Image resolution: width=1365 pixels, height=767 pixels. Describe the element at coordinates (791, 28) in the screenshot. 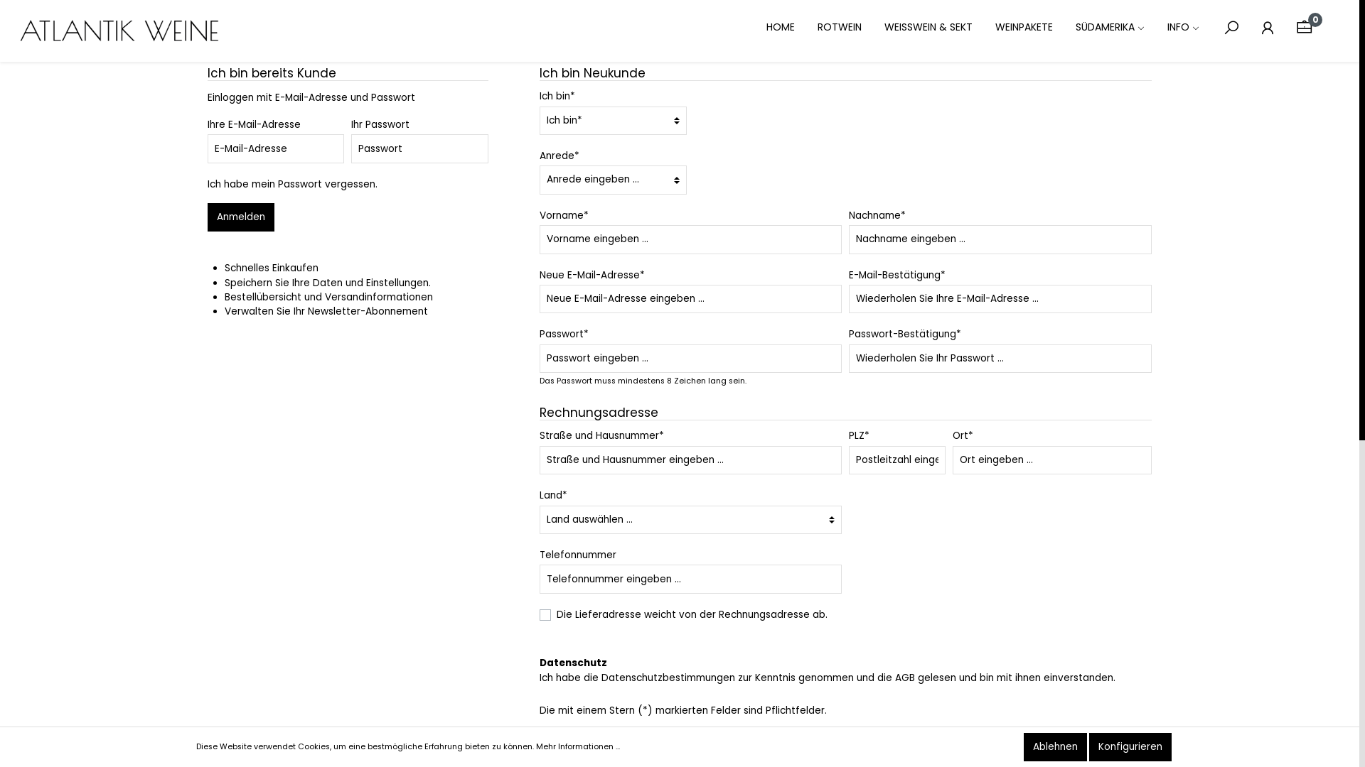

I see `'HOME'` at that location.